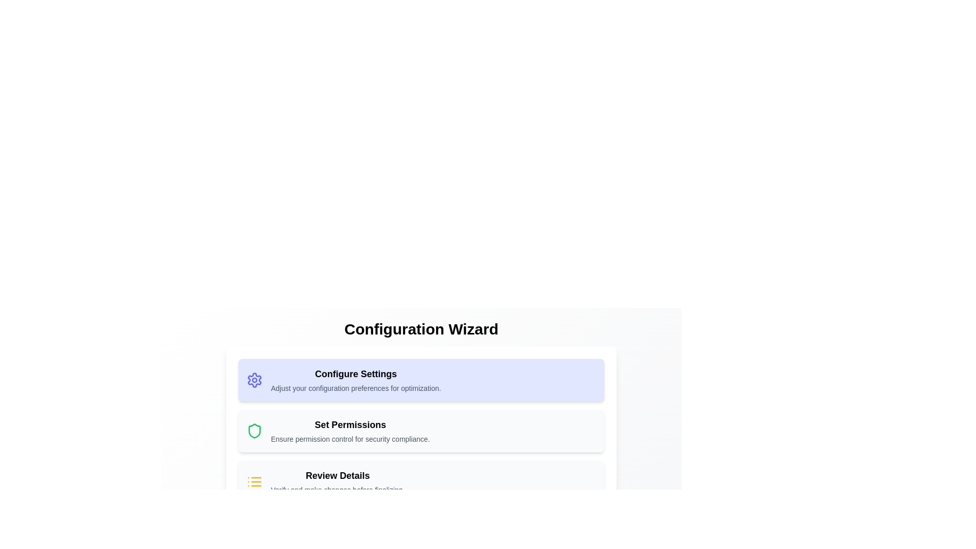 This screenshot has height=549, width=976. What do you see at coordinates (350, 439) in the screenshot?
I see `the text label that provides further details for the 'Set Permissions' heading, located directly beneath it in the configuration interface` at bounding box center [350, 439].